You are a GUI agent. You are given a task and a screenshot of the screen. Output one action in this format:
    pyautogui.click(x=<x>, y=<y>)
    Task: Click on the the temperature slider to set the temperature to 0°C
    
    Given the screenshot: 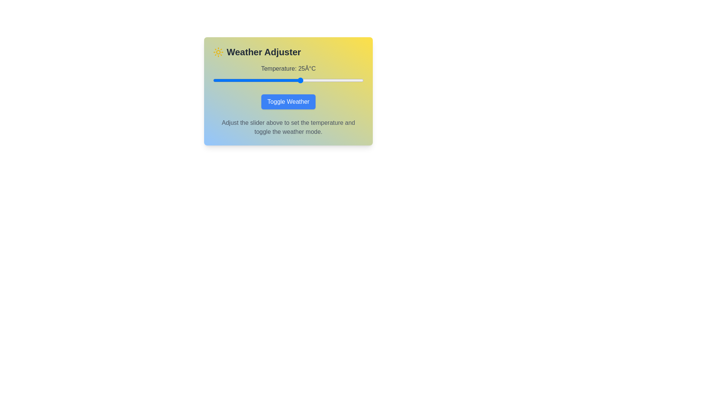 What is the action you would take?
    pyautogui.click(x=238, y=80)
    